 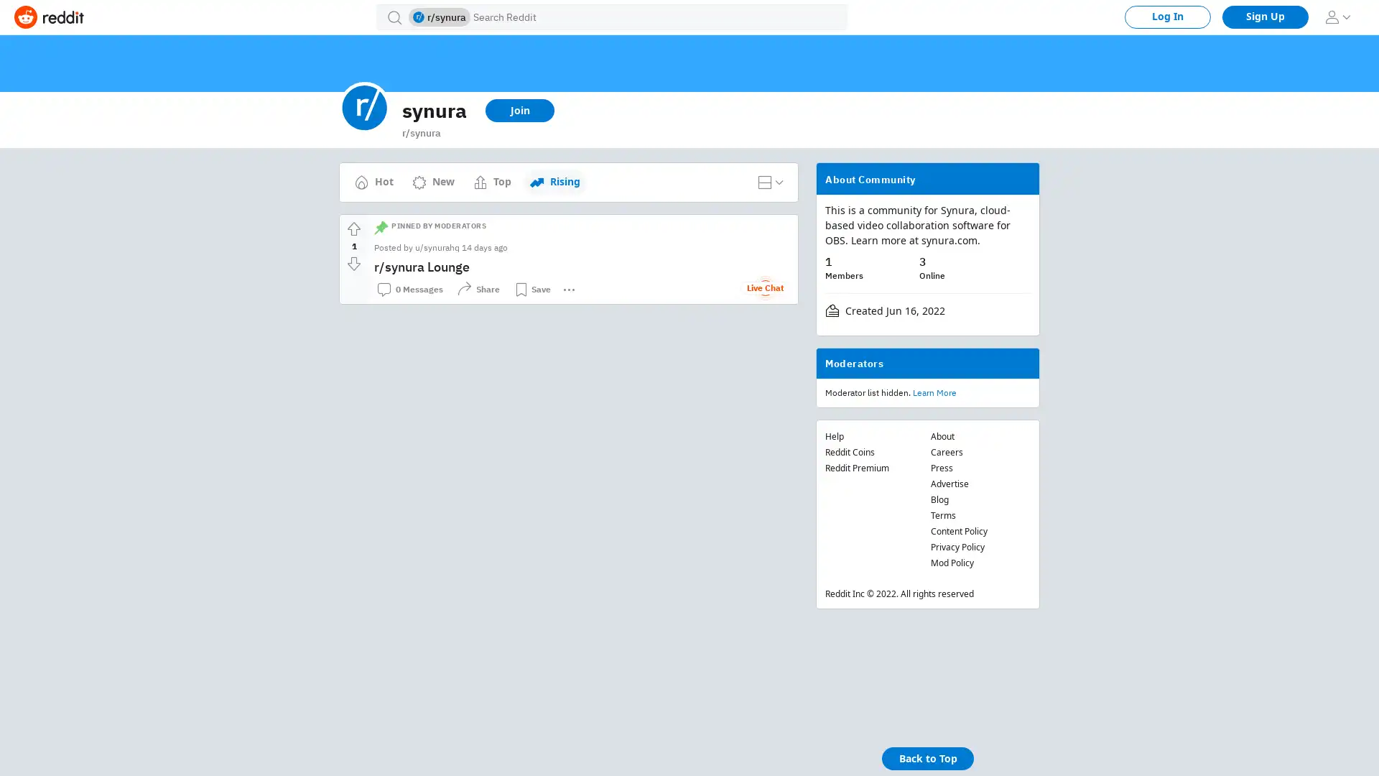 I want to click on upvote, so click(x=354, y=228).